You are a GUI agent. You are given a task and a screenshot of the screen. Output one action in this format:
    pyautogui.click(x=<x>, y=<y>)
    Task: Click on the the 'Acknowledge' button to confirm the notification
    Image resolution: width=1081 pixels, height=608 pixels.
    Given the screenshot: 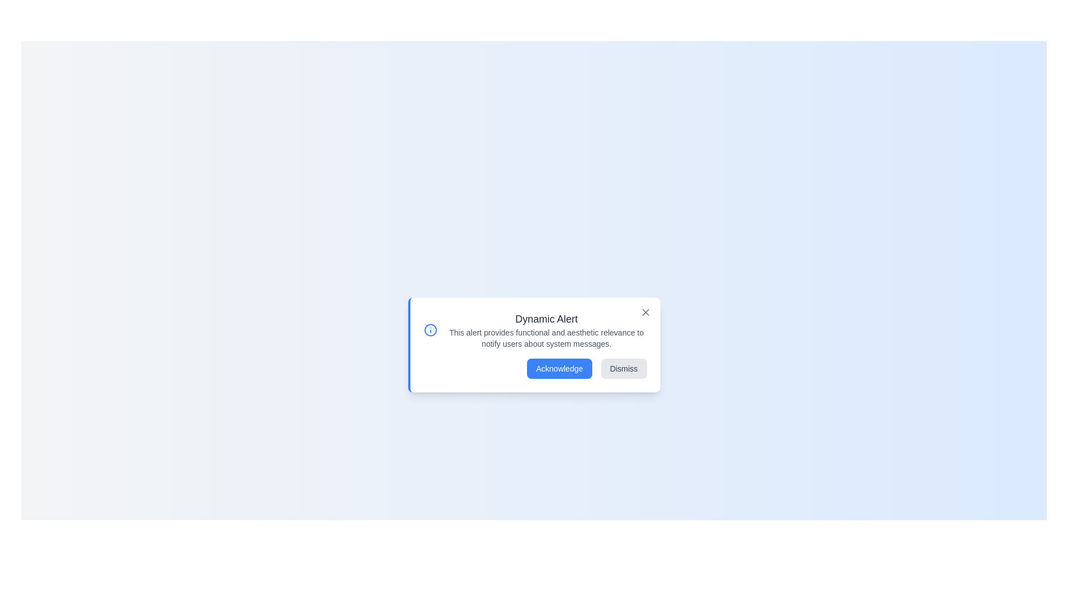 What is the action you would take?
    pyautogui.click(x=559, y=369)
    